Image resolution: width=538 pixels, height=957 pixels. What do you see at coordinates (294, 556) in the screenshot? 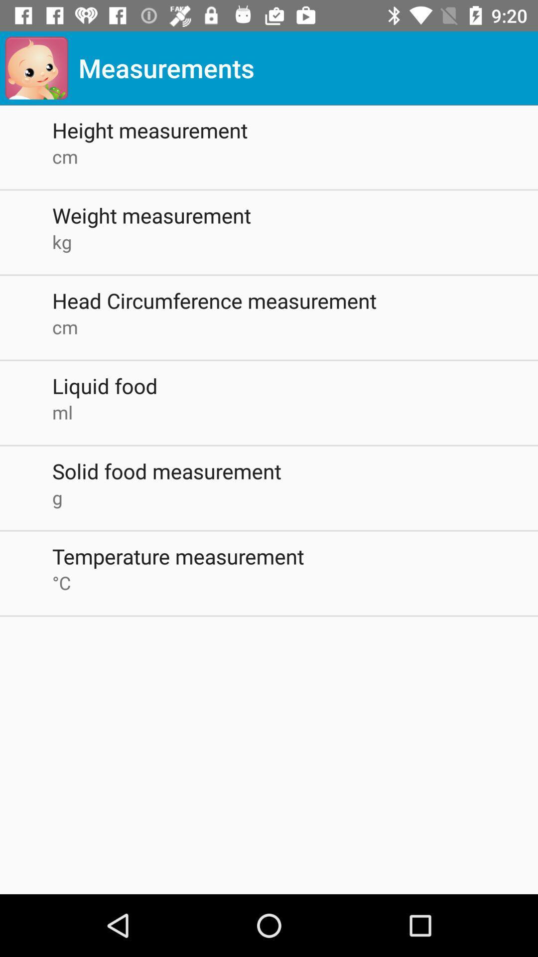
I see `temperature measurement icon` at bounding box center [294, 556].